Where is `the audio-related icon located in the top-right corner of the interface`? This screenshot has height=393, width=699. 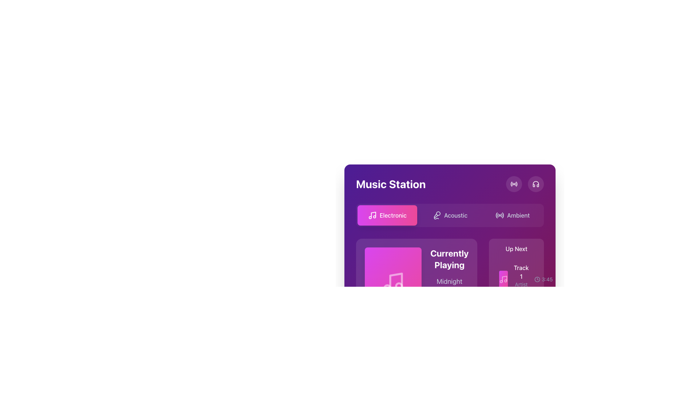
the audio-related icon located in the top-right corner of the interface is located at coordinates (536, 183).